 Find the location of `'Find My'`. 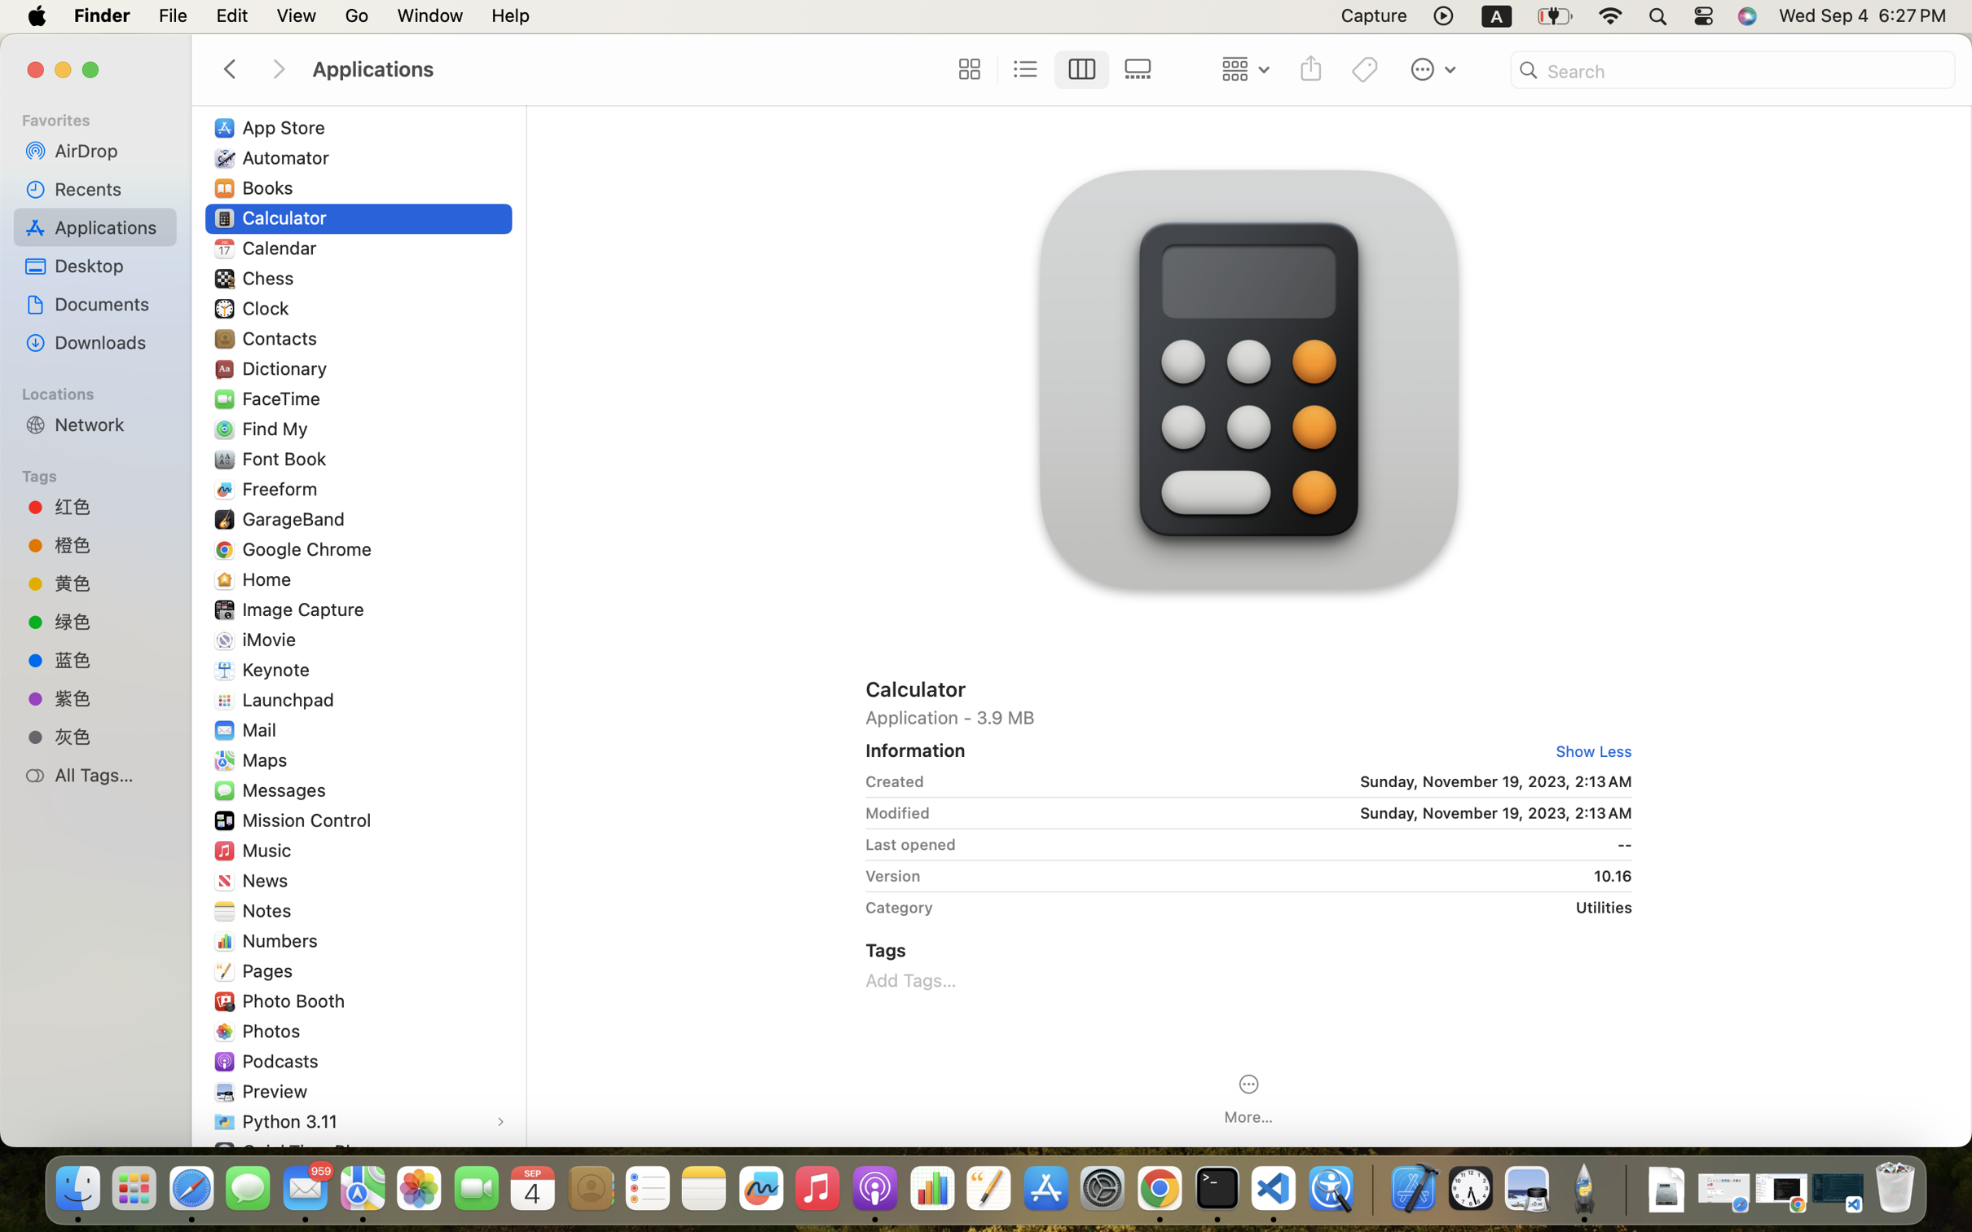

'Find My' is located at coordinates (277, 429).